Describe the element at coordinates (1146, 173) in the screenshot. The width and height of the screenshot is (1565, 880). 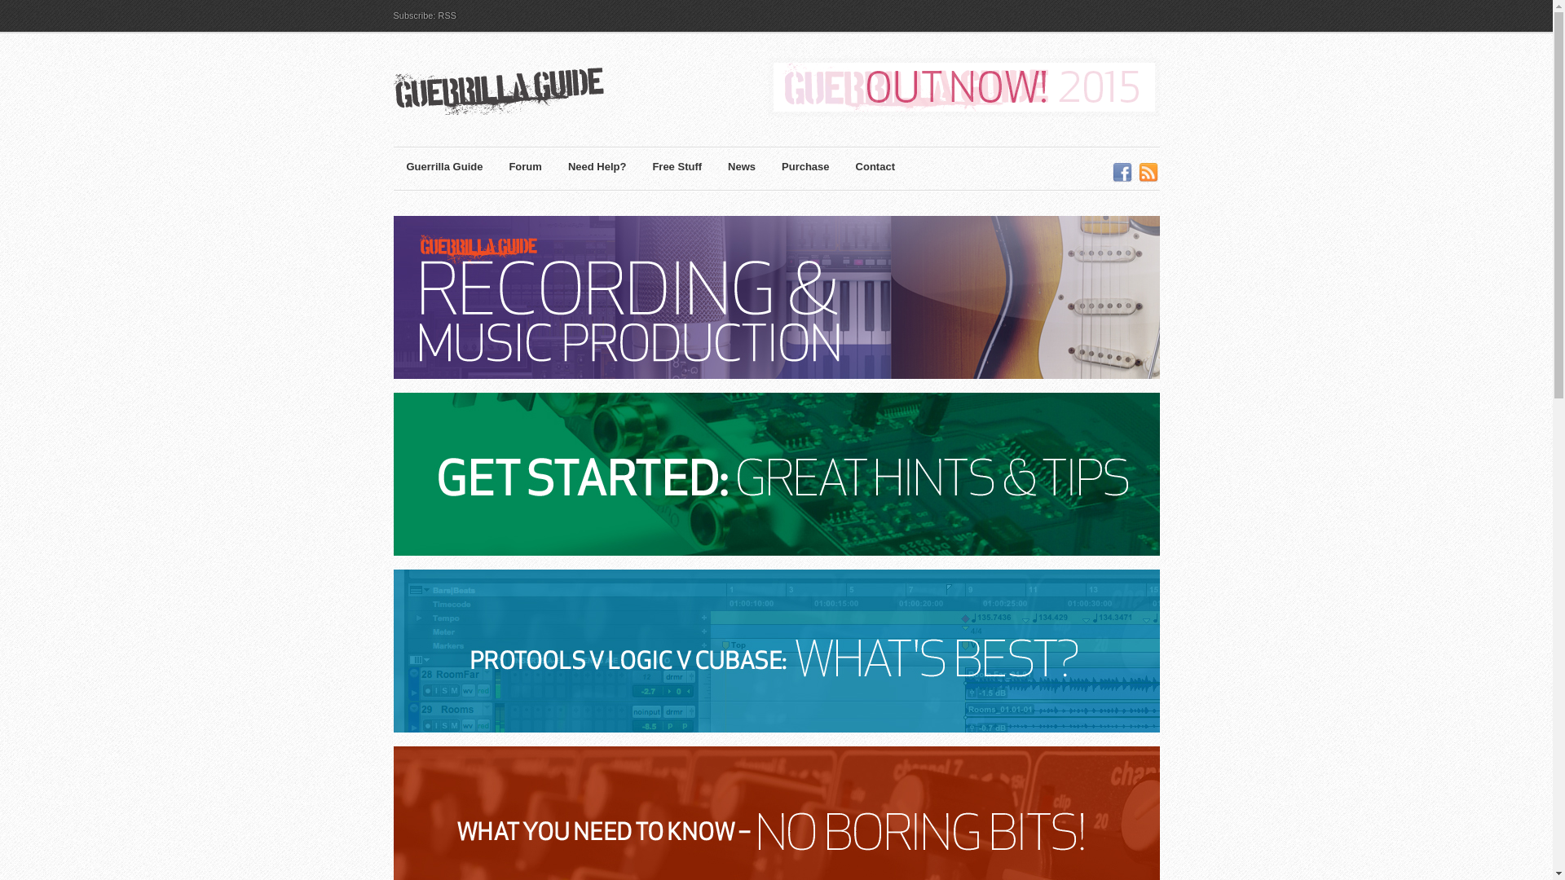
I see `'RSS'` at that location.